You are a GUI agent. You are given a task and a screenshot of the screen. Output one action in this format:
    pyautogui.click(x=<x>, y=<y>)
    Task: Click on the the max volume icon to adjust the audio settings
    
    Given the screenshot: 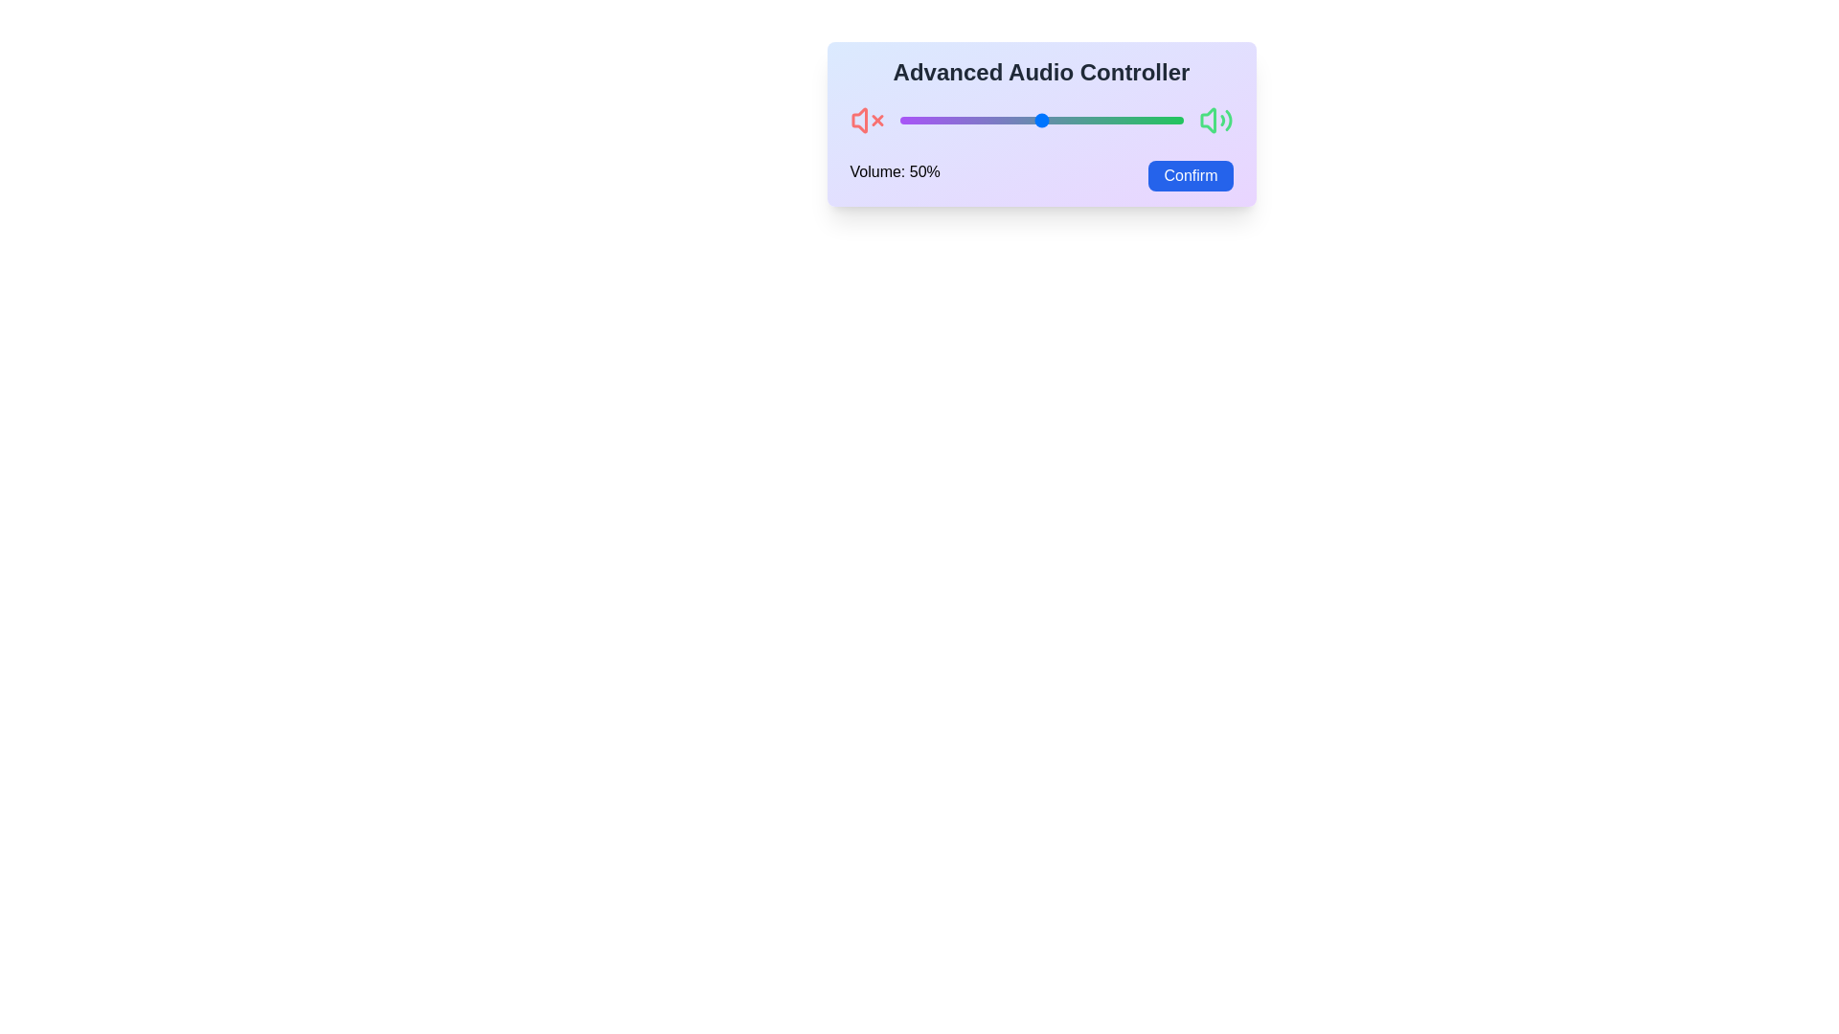 What is the action you would take?
    pyautogui.click(x=1215, y=121)
    